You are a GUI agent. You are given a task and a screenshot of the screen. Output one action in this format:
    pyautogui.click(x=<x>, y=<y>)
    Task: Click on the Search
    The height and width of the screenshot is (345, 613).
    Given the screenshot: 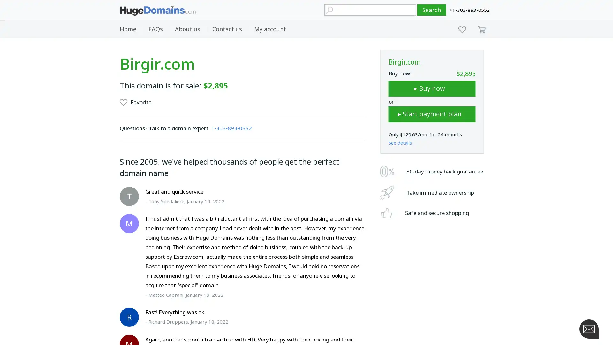 What is the action you would take?
    pyautogui.click(x=432, y=10)
    